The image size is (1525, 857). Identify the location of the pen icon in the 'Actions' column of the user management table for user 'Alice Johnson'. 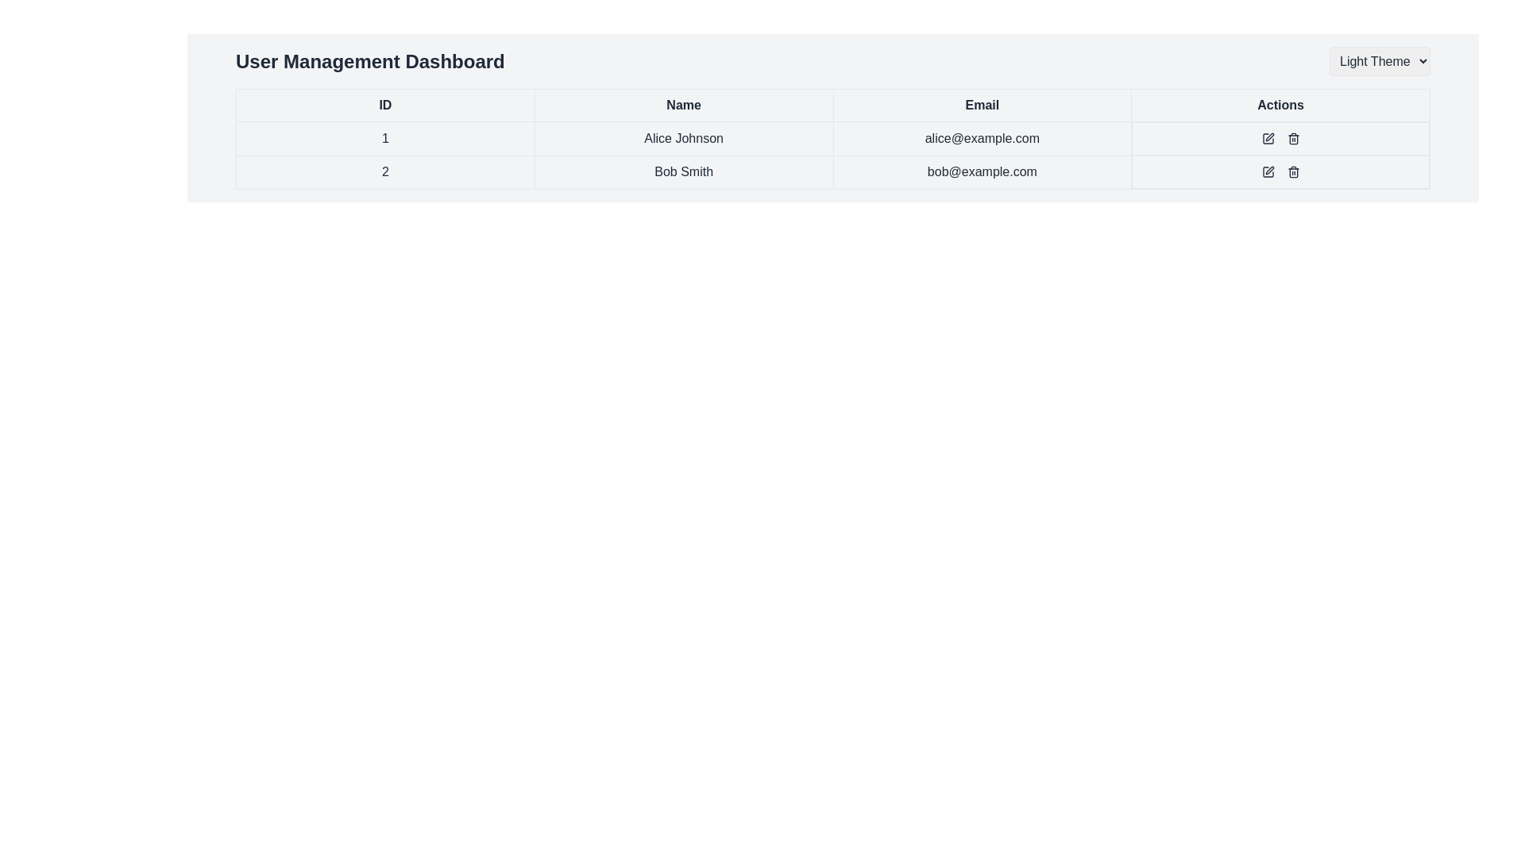
(1268, 136).